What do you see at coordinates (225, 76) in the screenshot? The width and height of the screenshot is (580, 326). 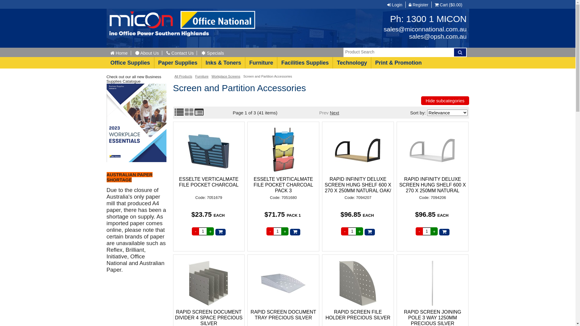 I see `'Workplace Screens'` at bounding box center [225, 76].